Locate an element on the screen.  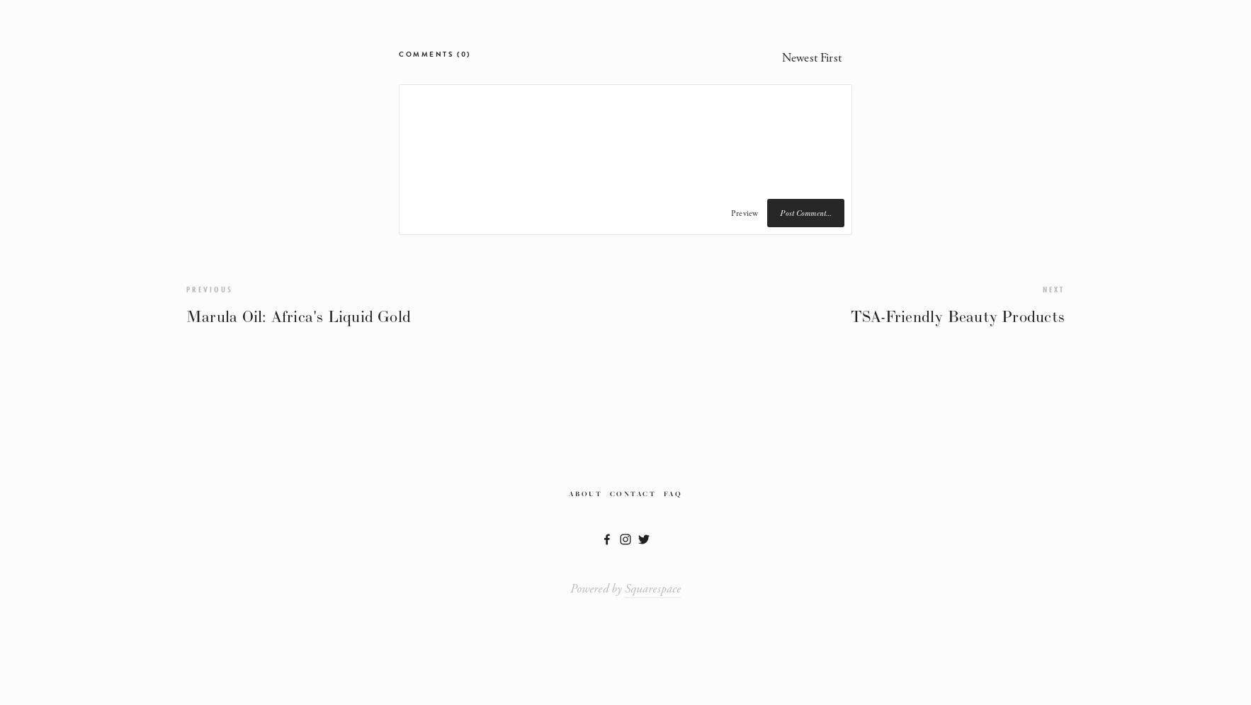
'Powered by' is located at coordinates (596, 587).